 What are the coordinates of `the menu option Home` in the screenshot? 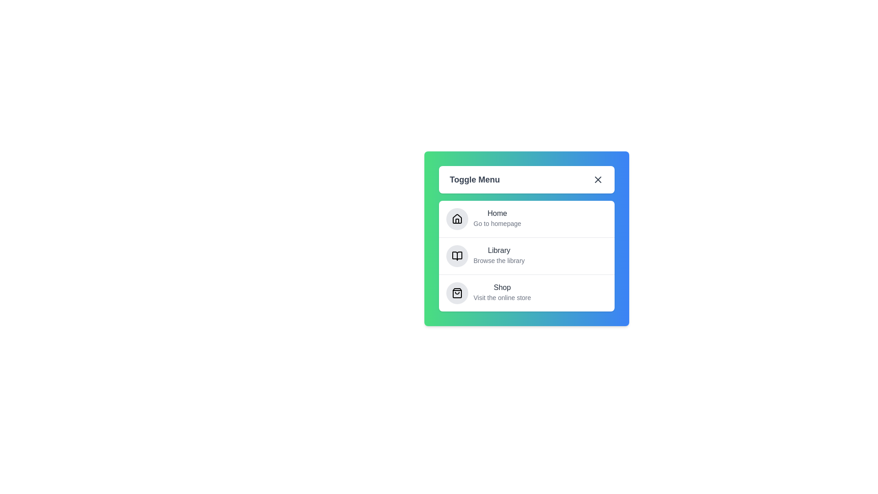 It's located at (502, 215).